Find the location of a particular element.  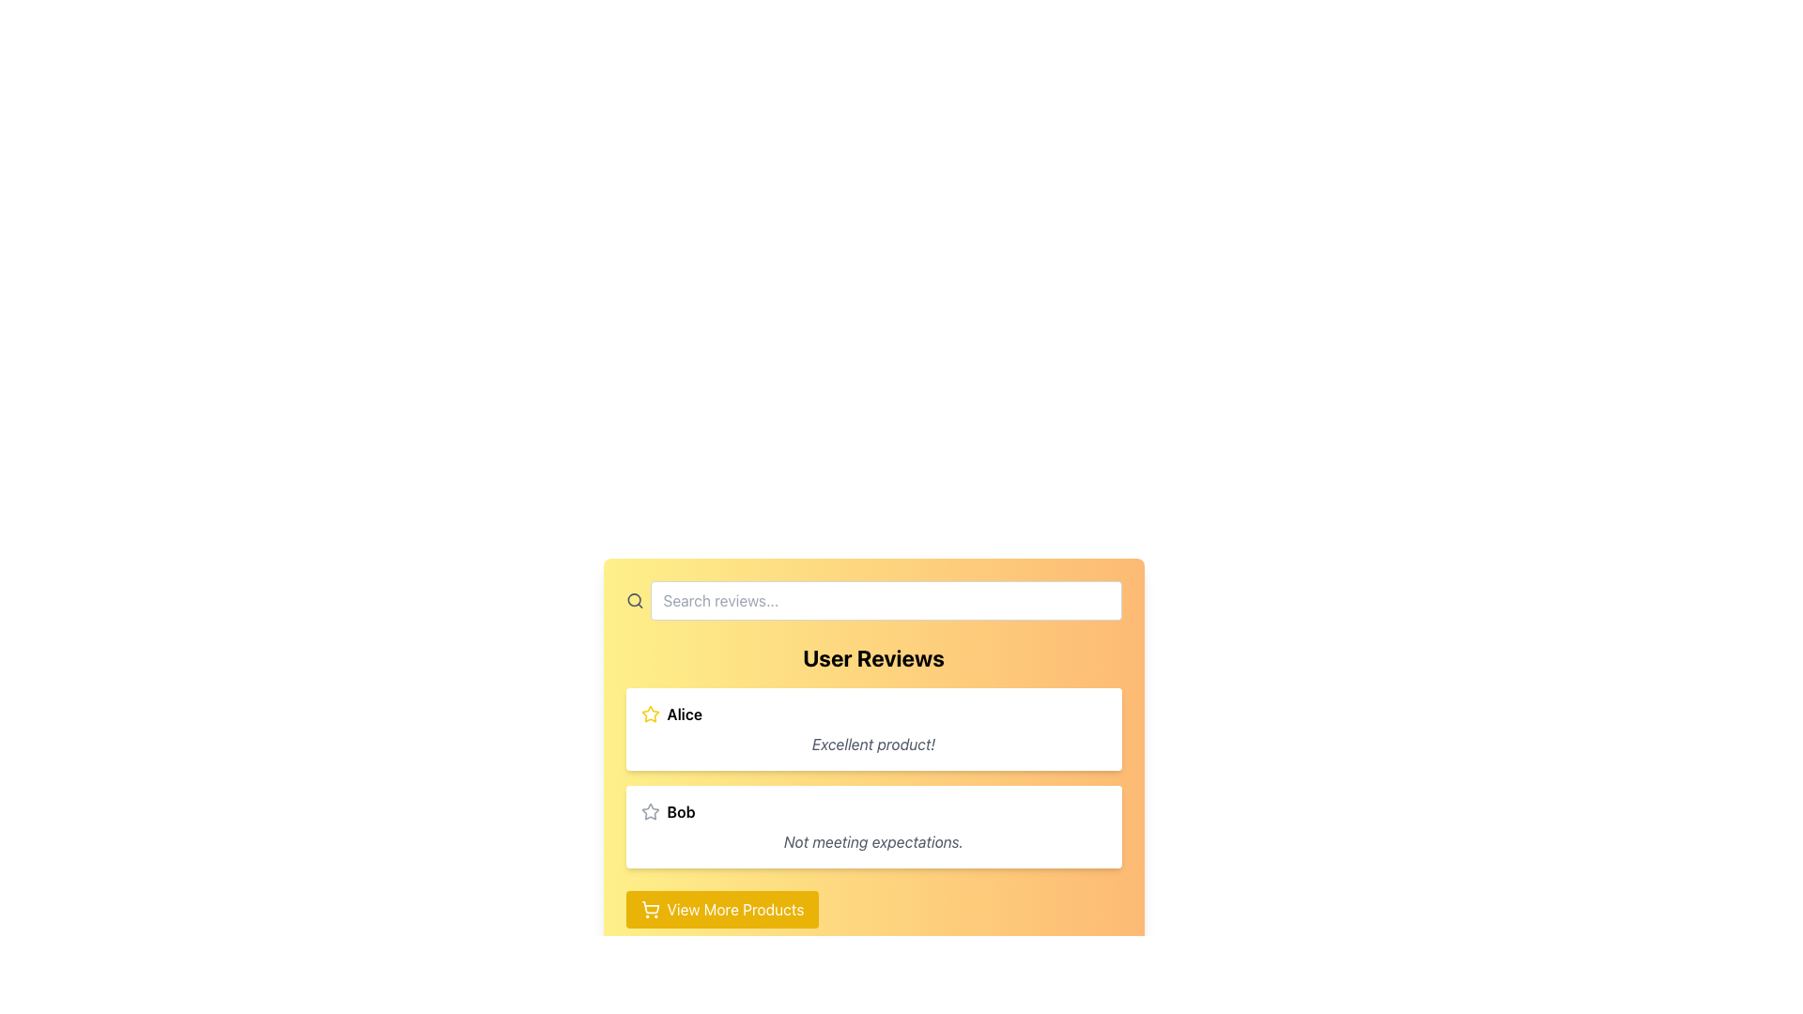

the content of the text display element that shows the user name 'Bob' in bold with a gray outlined star icon to its left, located in the User Reviews section is located at coordinates (872, 810).